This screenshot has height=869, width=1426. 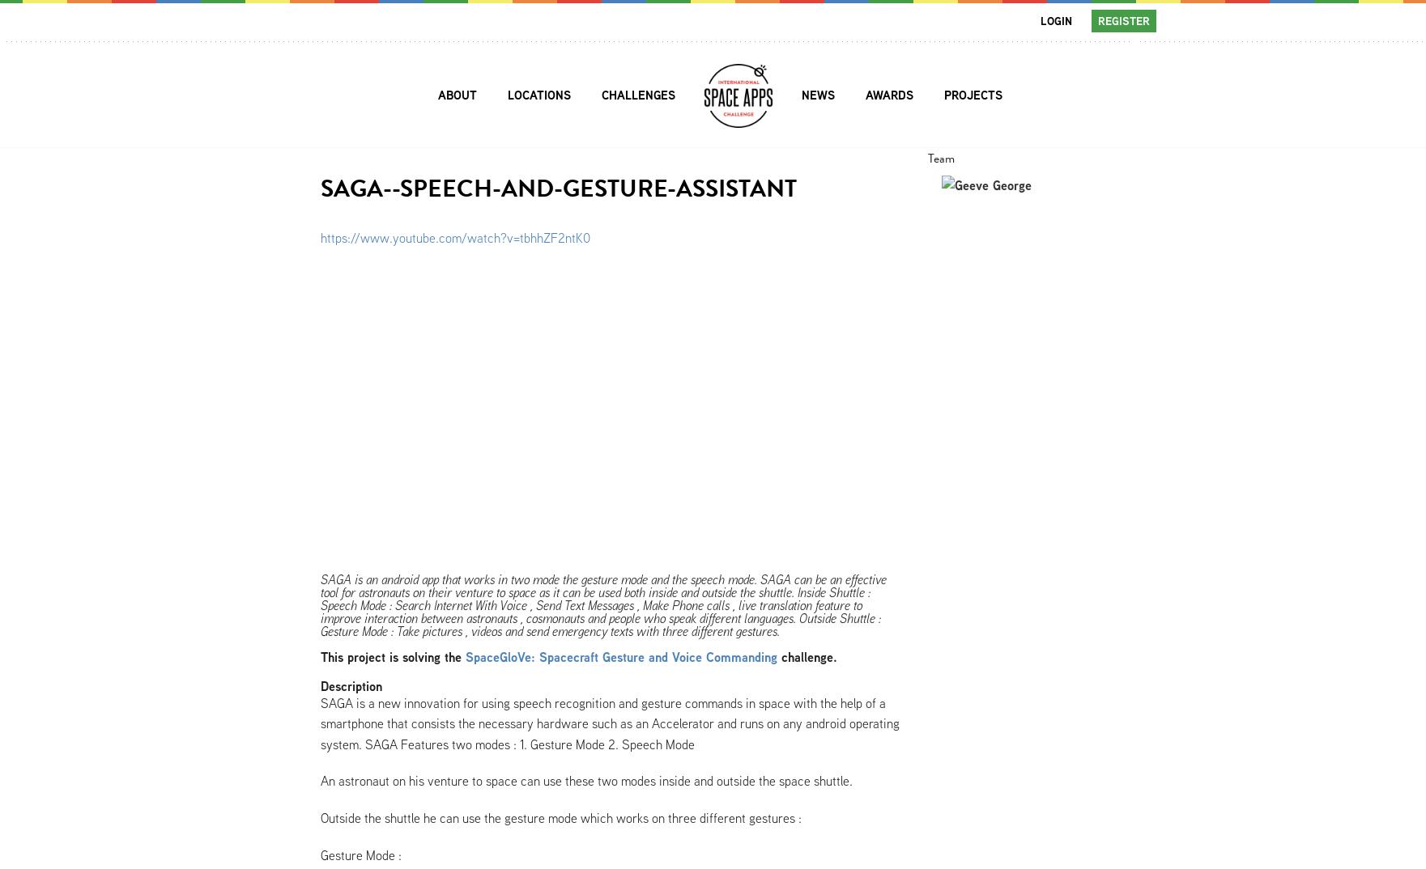 I want to click on 'About', so click(x=456, y=94).